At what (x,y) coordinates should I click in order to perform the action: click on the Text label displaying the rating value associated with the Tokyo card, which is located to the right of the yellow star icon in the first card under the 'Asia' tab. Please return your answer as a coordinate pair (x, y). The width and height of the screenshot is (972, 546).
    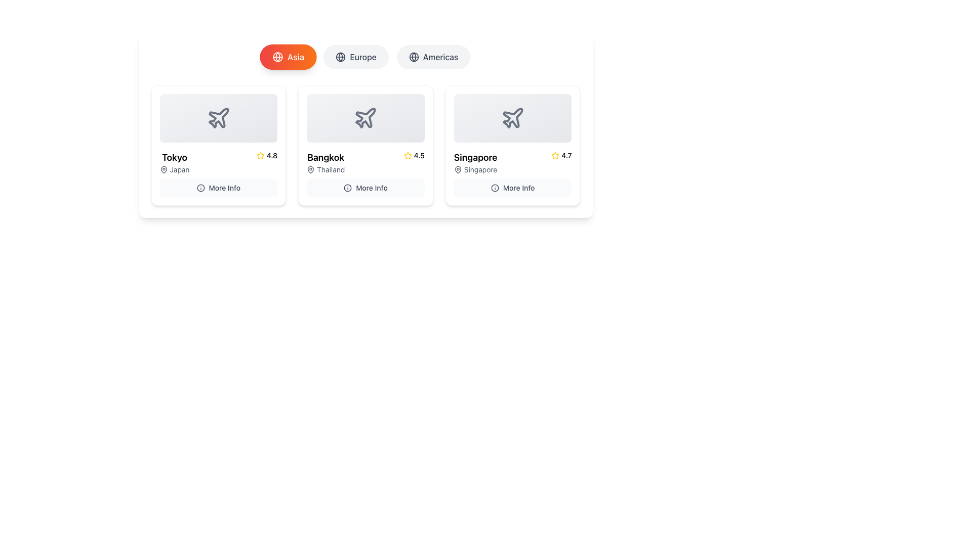
    Looking at the image, I should click on (272, 156).